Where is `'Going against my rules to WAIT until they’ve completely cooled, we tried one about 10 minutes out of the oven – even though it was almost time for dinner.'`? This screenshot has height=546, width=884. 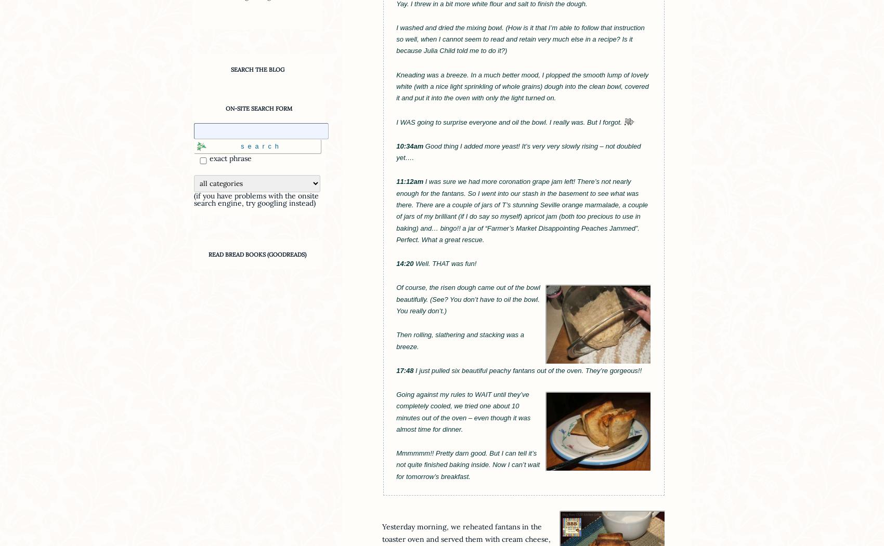 'Going against my rules to WAIT until they’ve completely cooled, we tried one about 10 minutes out of the oven – even though it was almost time for dinner.' is located at coordinates (463, 411).